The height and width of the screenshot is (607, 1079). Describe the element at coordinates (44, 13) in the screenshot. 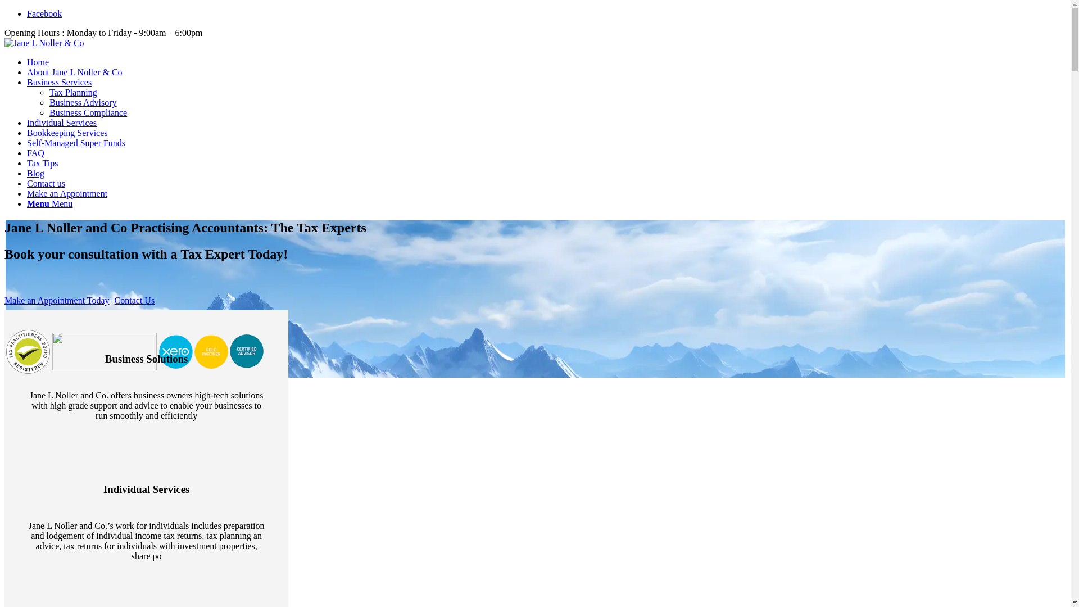

I see `'Facebook'` at that location.